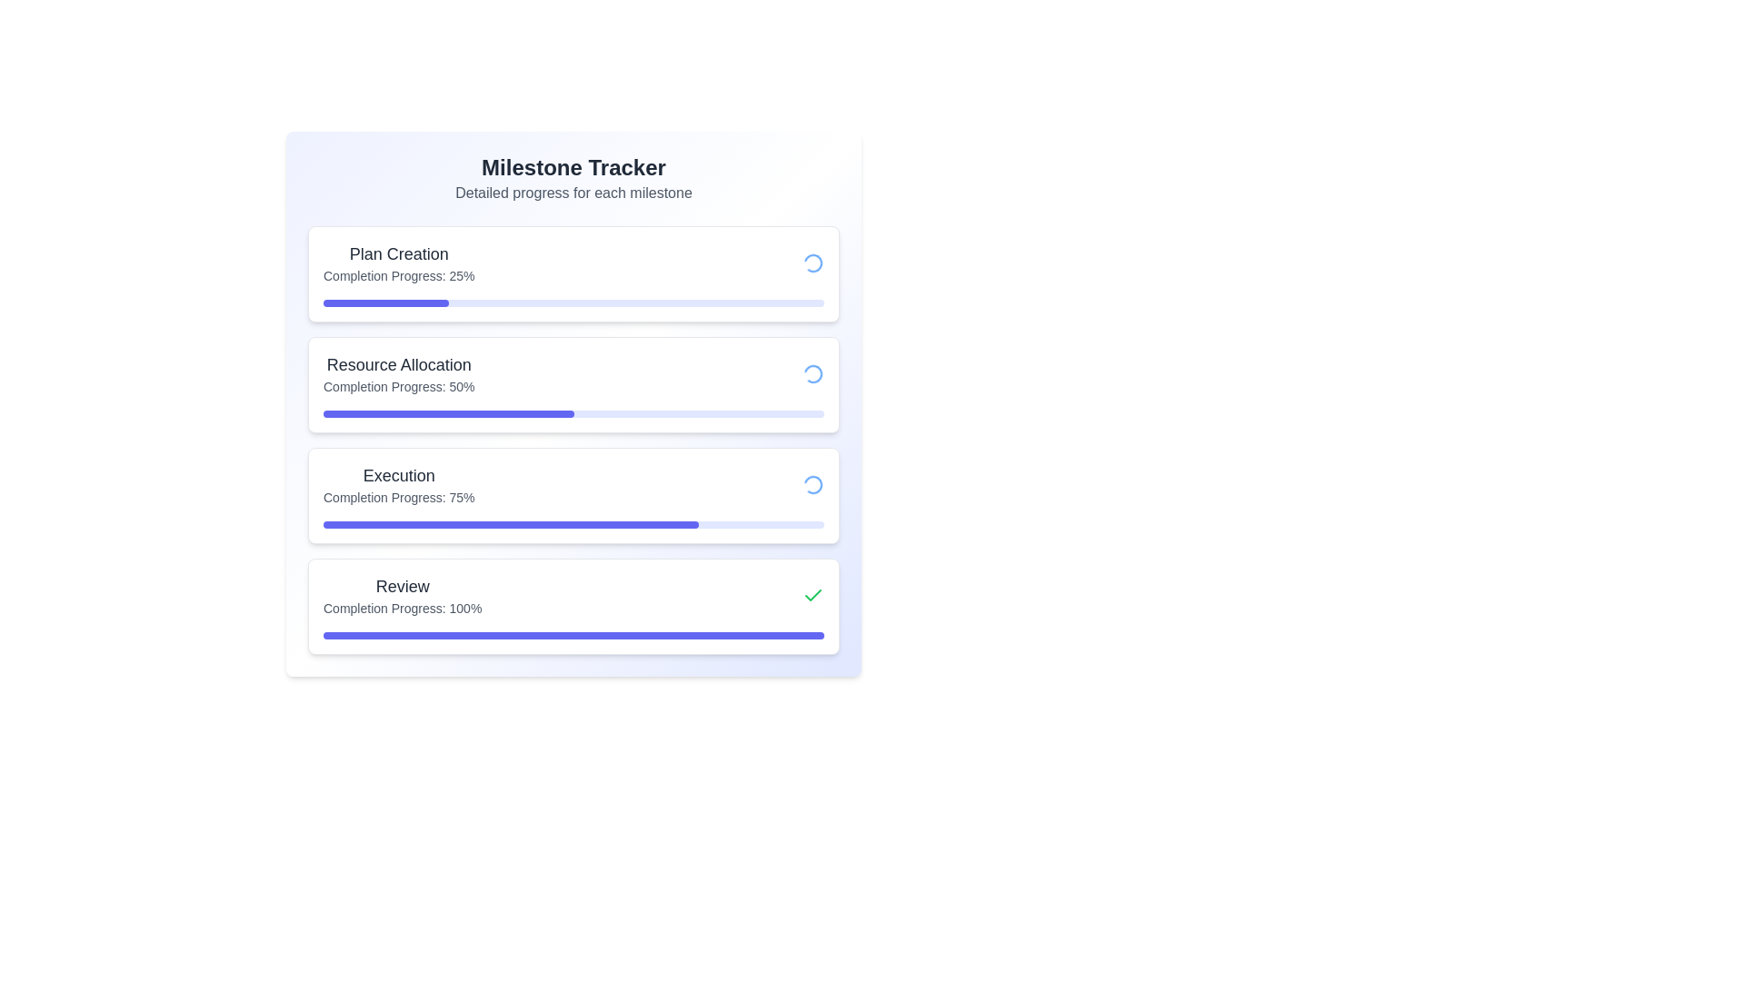  I want to click on the progress bar located in the 'Review' milestone section, positioned below the text 'Completion Progress: 100%', so click(573, 634).